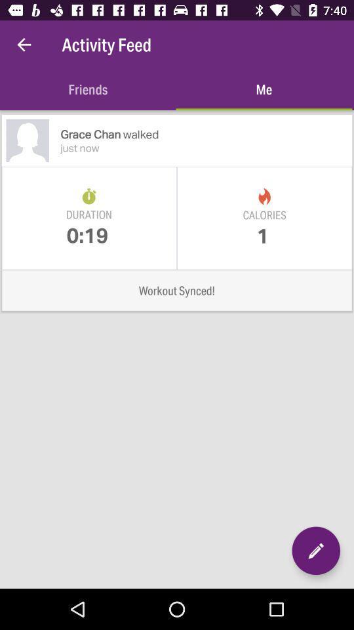 This screenshot has width=354, height=630. Describe the element at coordinates (206, 134) in the screenshot. I see `icon below friends` at that location.